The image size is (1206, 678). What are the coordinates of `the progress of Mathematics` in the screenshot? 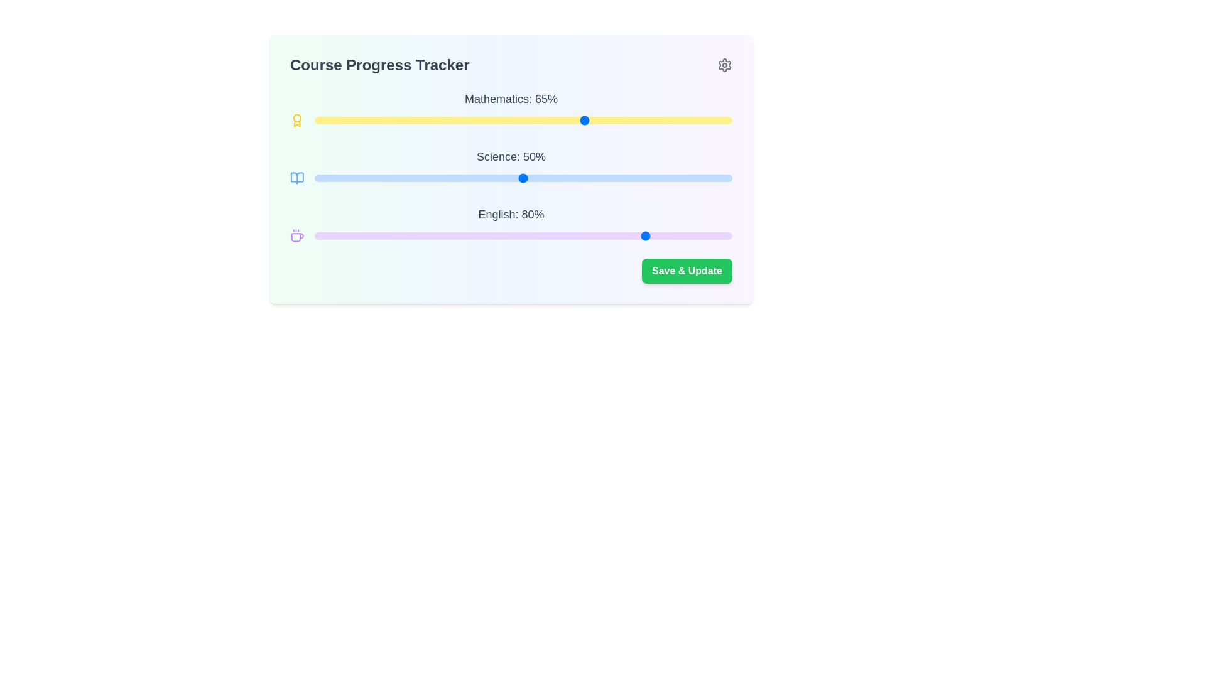 It's located at (322, 121).